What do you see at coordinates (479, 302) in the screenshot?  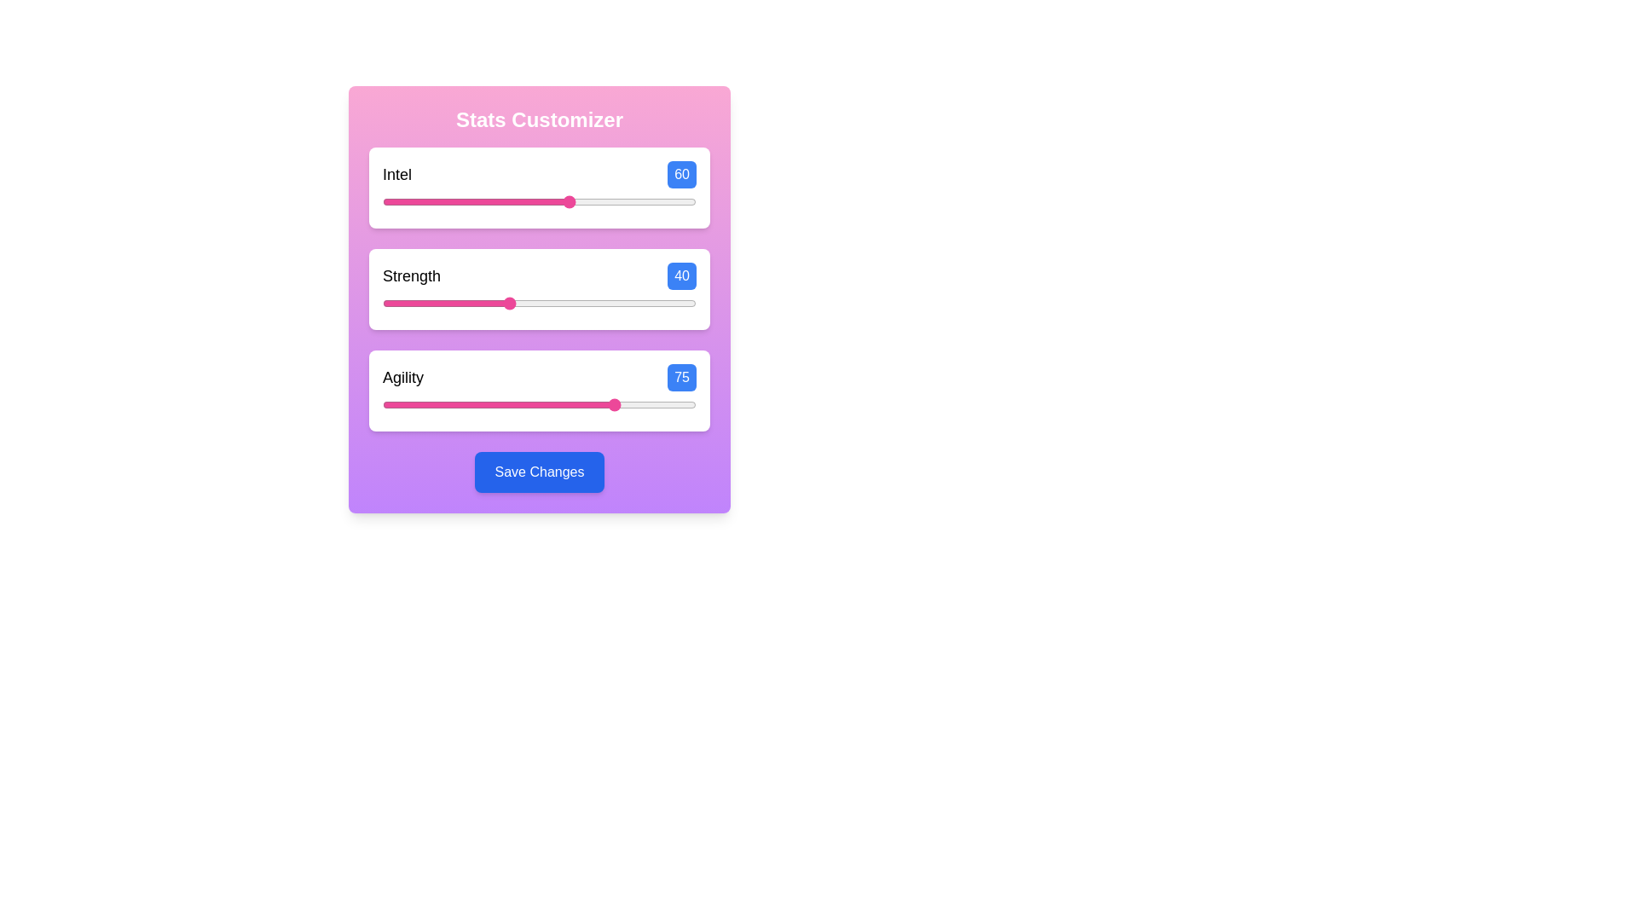 I see `the Strength slider` at bounding box center [479, 302].